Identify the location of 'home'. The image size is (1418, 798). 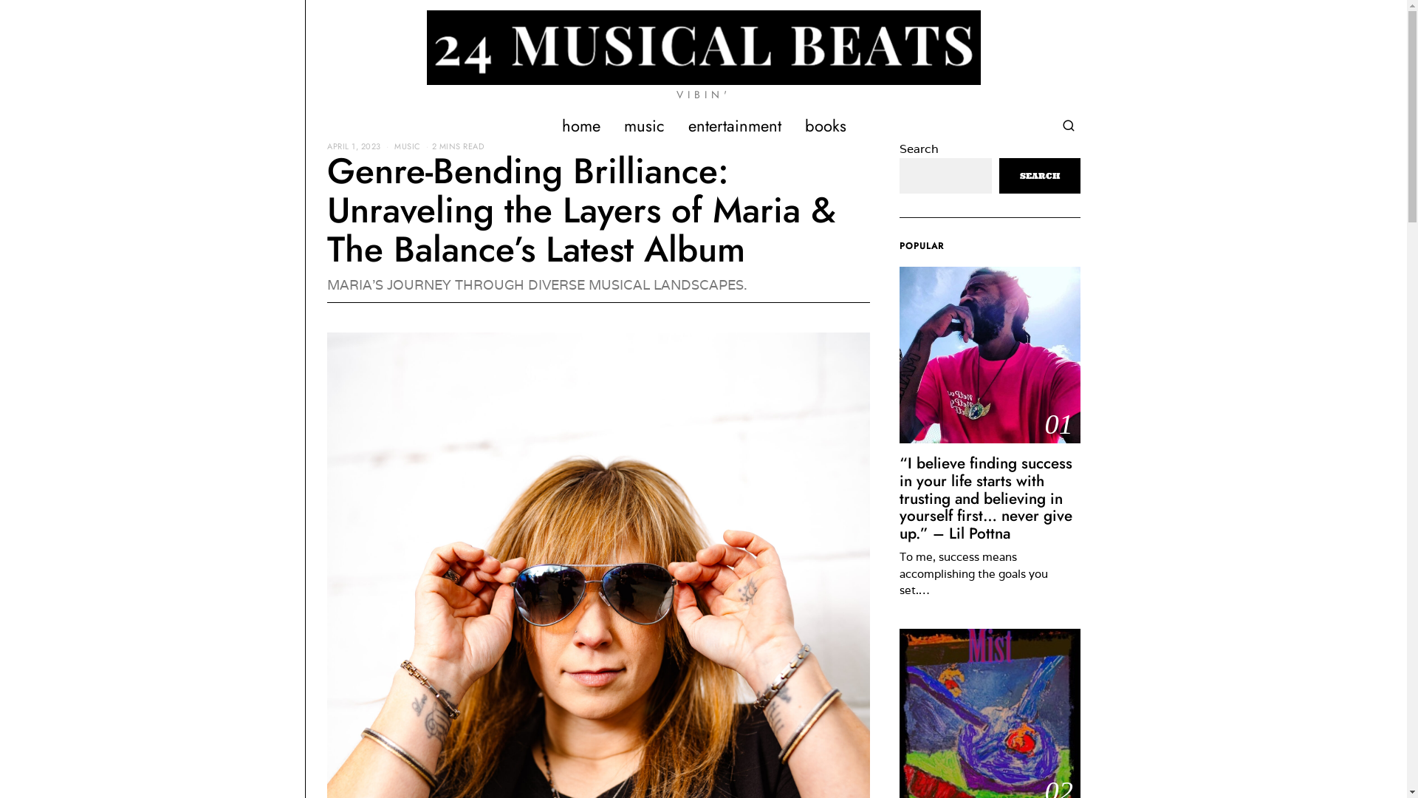
(549, 124).